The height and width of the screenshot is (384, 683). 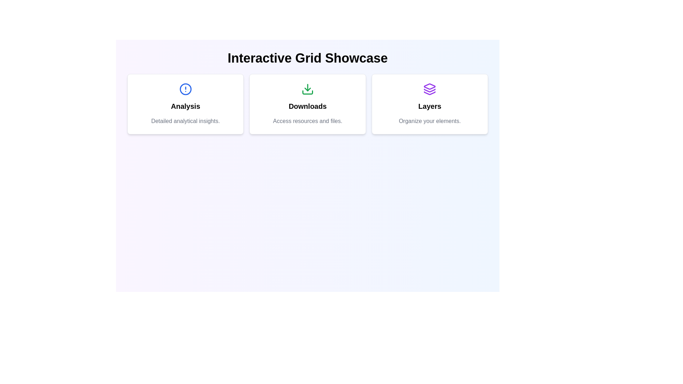 What do you see at coordinates (429, 121) in the screenshot?
I see `the text label that says 'Organize your elements.' which is located within the rightmost card in the 'Layers' section, positioned below the 'Layers' title` at bounding box center [429, 121].